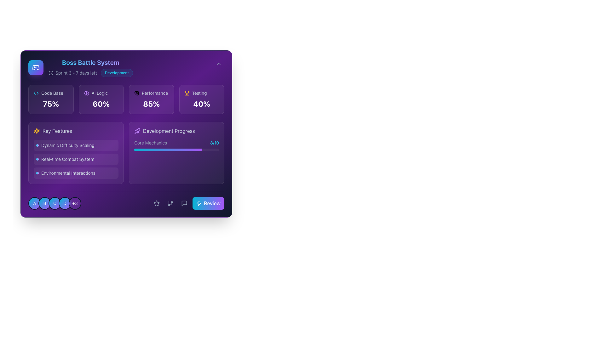 This screenshot has height=340, width=605. What do you see at coordinates (51, 99) in the screenshot?
I see `the '75%' metric displayed prominently in the top-left interactive metric card labeled 'Code Base' to focus on it` at bounding box center [51, 99].